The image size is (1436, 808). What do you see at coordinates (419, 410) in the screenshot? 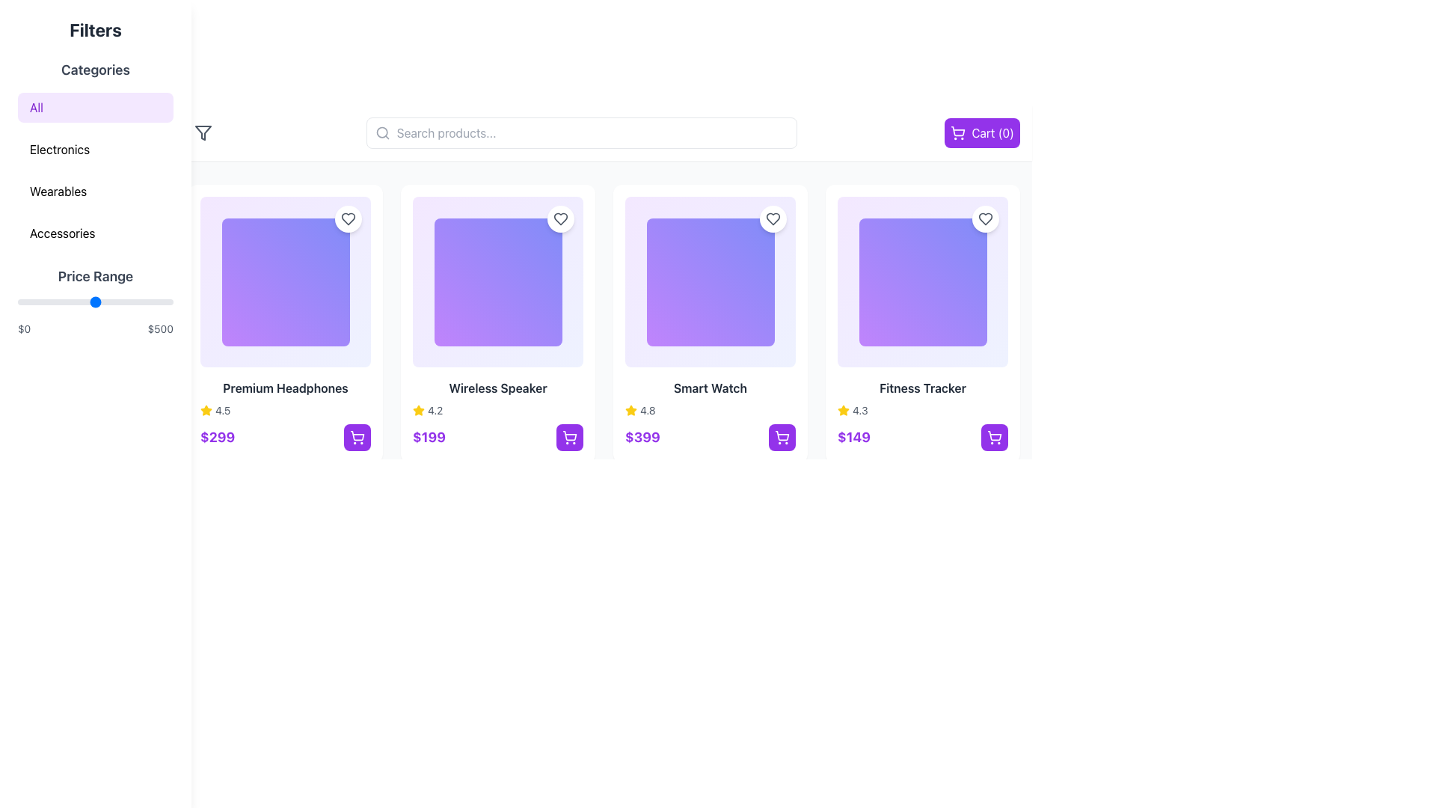
I see `the star icon representing the product rating of '4.2' located beneath the 'Wireless Speaker' product image and above the price tag` at bounding box center [419, 410].